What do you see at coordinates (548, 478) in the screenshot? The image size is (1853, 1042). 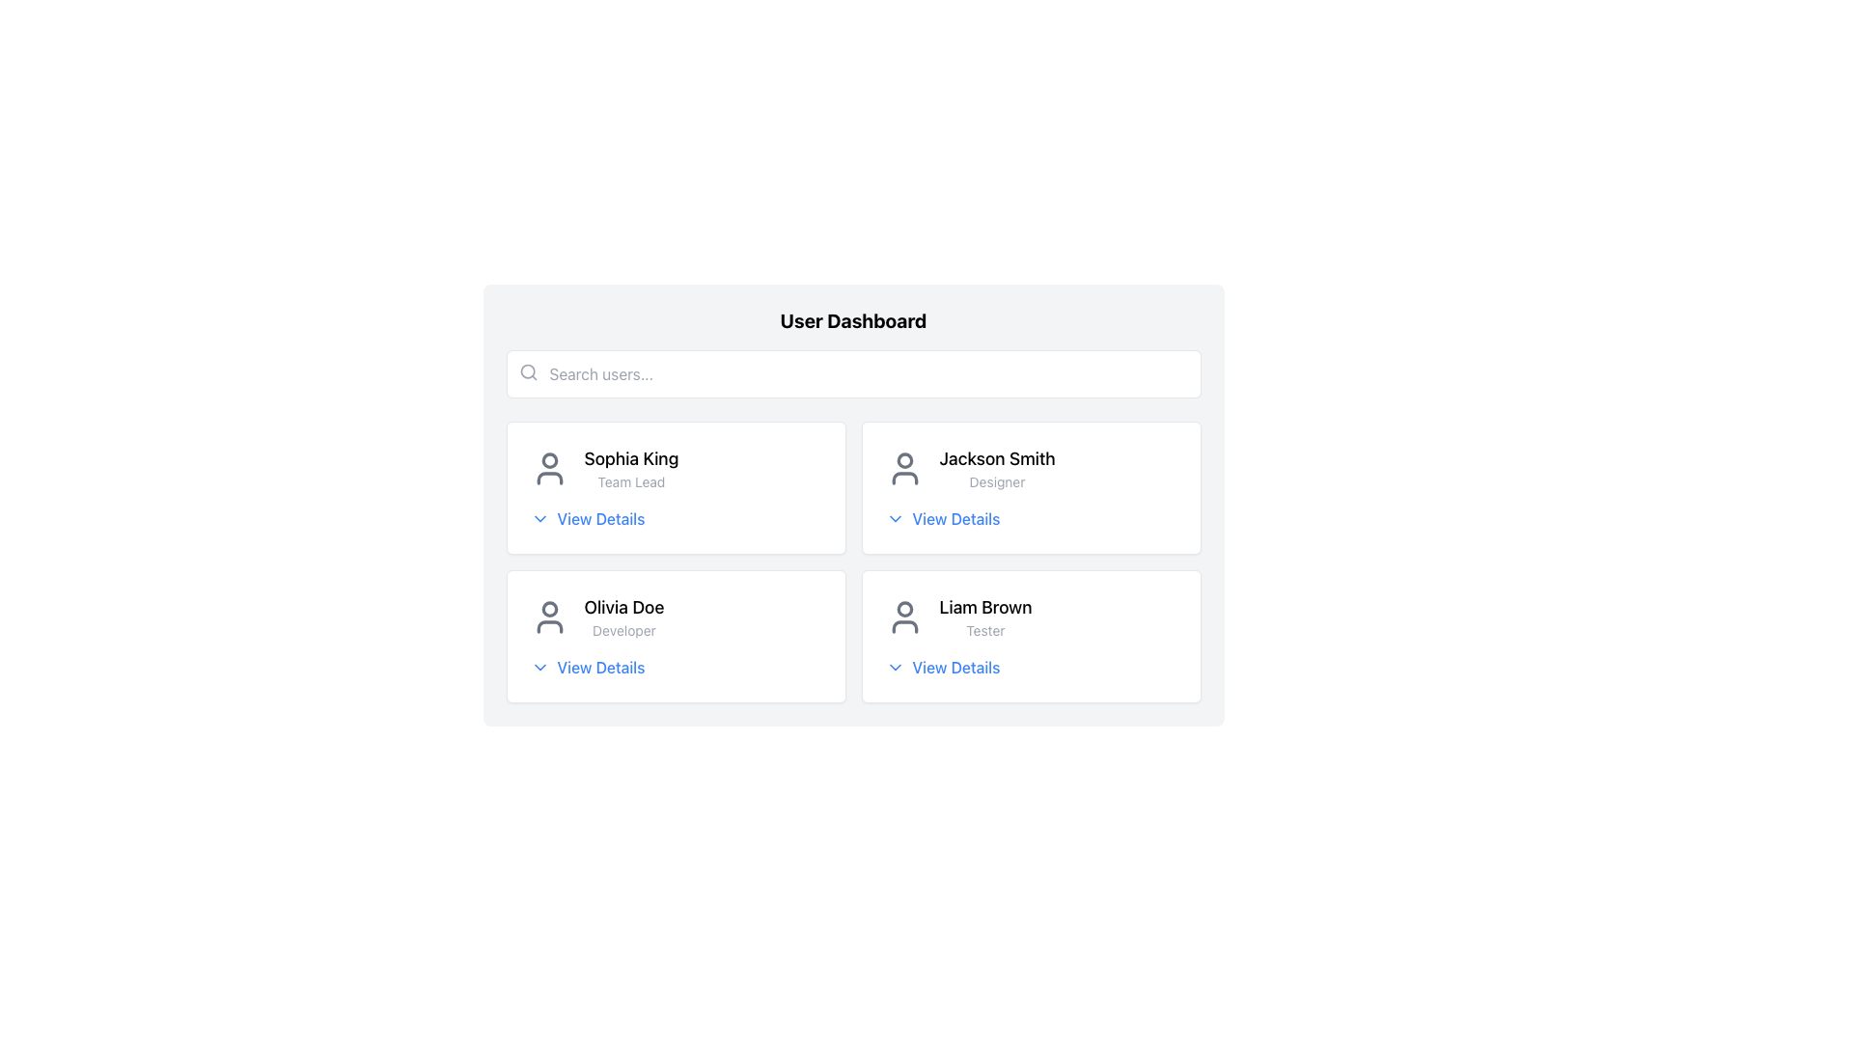 I see `the lower half of the user silhouette icon located in the leftmost user card of the dashboard` at bounding box center [548, 478].